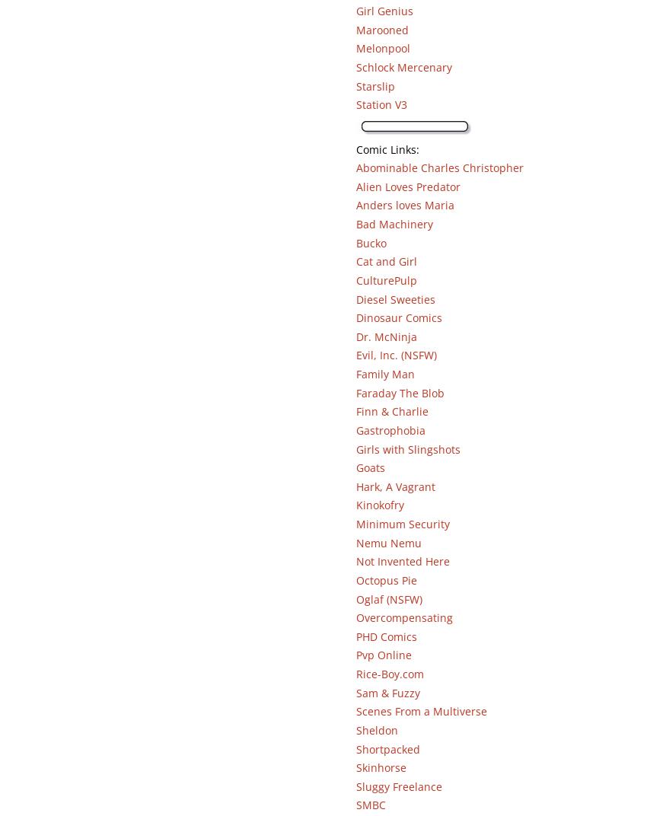  Describe the element at coordinates (390, 410) in the screenshot. I see `'Finn & Charlie'` at that location.